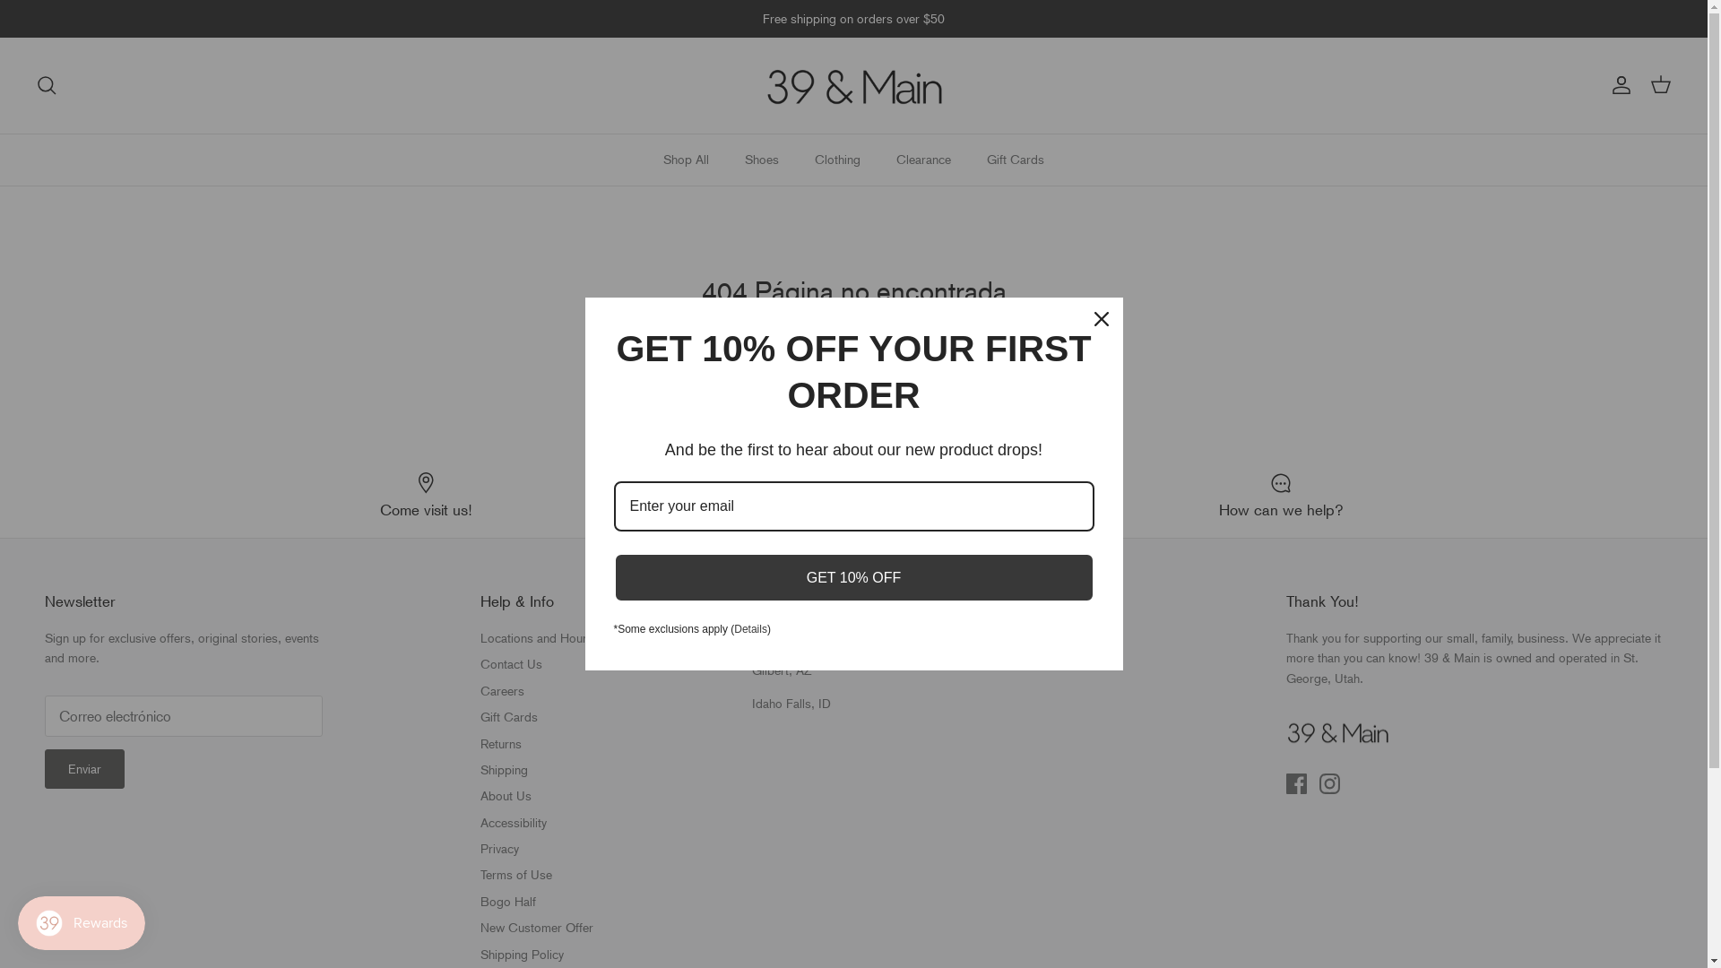 This screenshot has height=968, width=1721. I want to click on 'GET 10% OFF', so click(613, 576).